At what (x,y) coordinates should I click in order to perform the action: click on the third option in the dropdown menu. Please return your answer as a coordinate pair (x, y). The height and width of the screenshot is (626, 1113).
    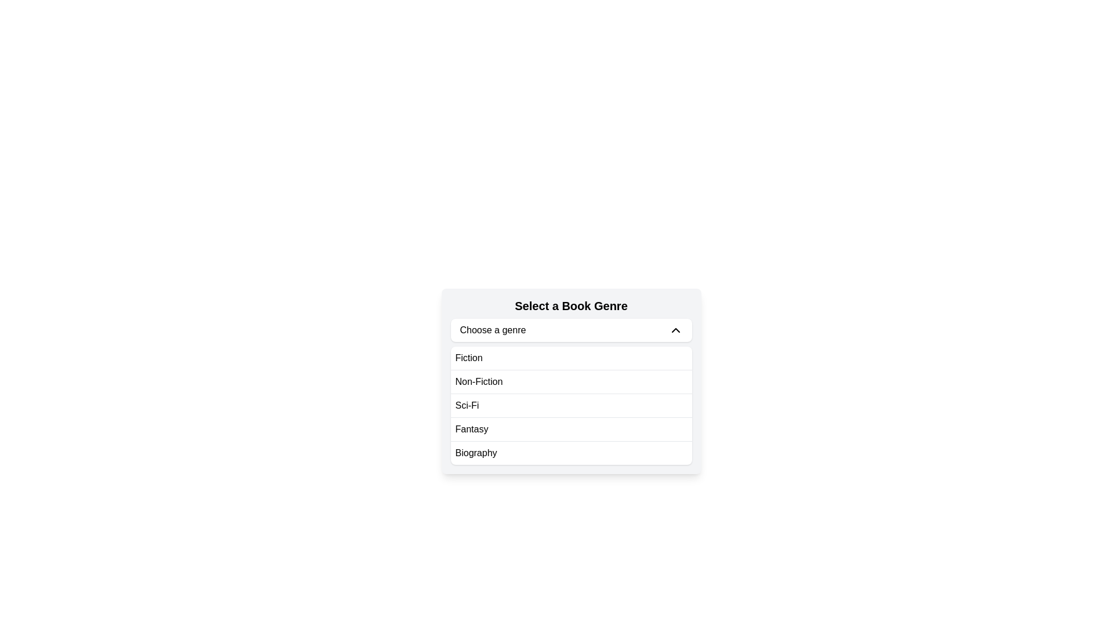
    Looking at the image, I should click on (571, 405).